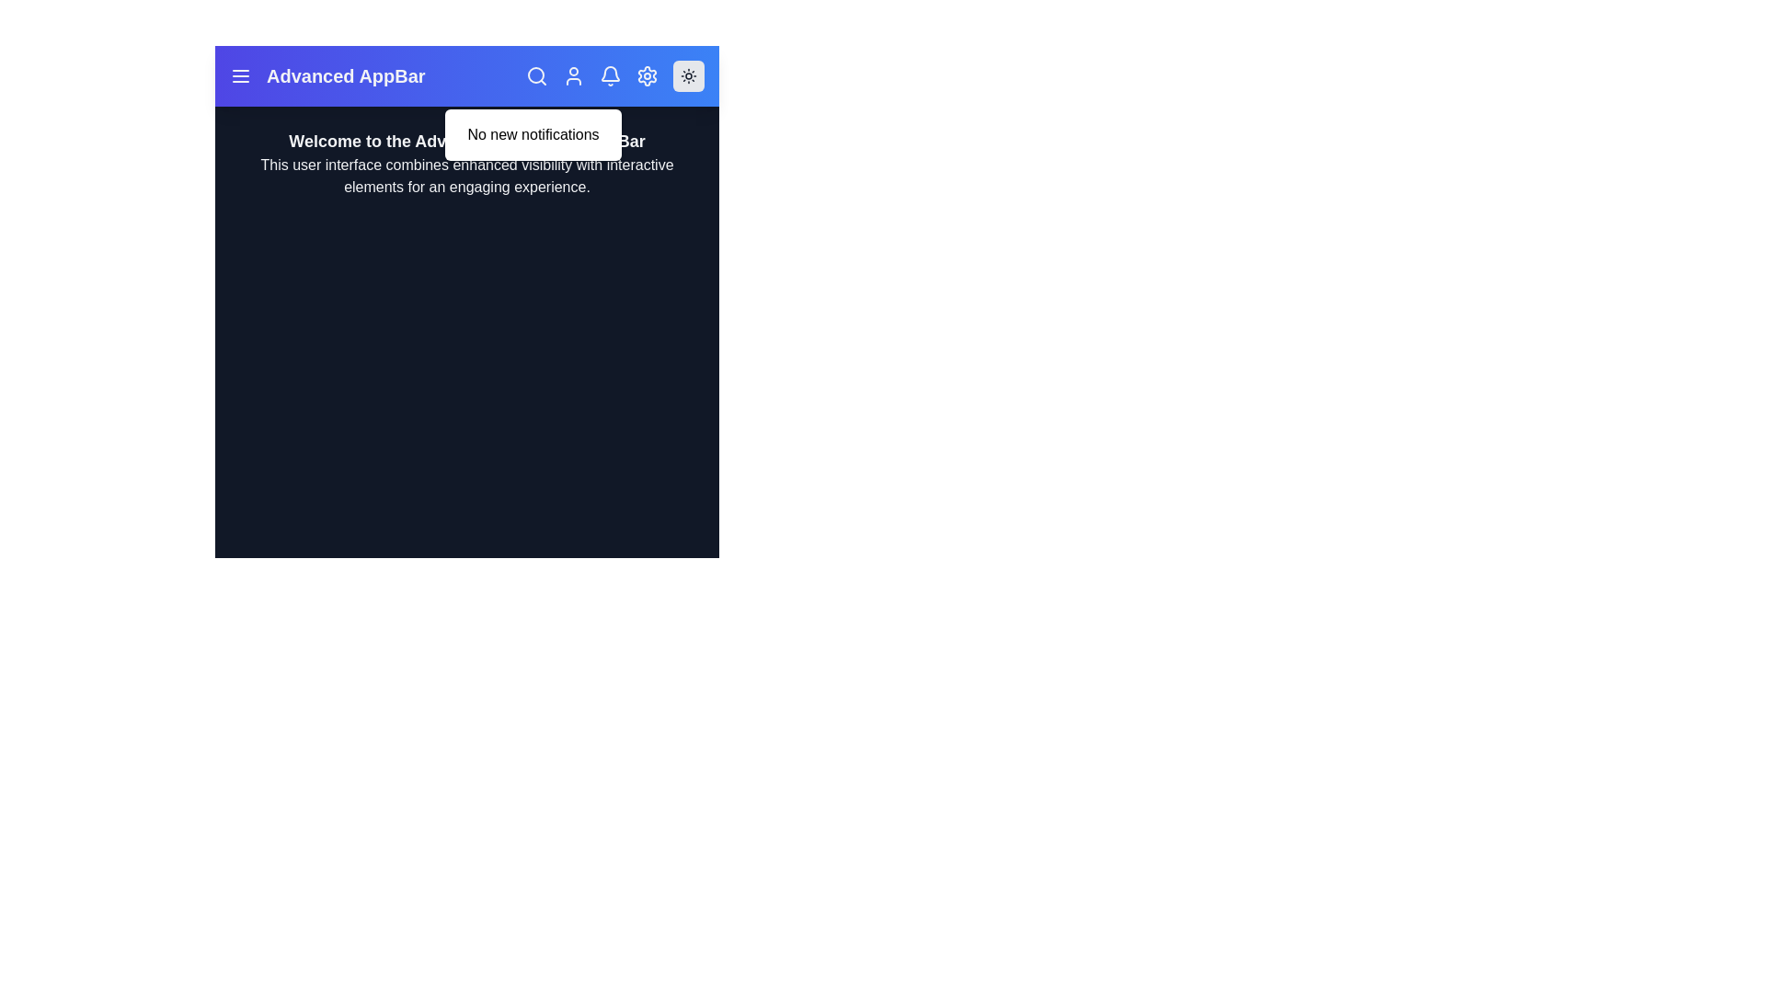 The height and width of the screenshot is (993, 1766). Describe the element at coordinates (345, 75) in the screenshot. I see `the title labeled 'Advanced AppBar' in the AppBar` at that location.